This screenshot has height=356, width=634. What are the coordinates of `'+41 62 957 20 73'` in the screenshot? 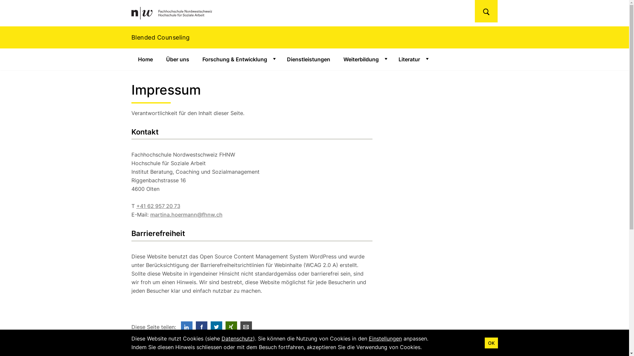 It's located at (158, 205).